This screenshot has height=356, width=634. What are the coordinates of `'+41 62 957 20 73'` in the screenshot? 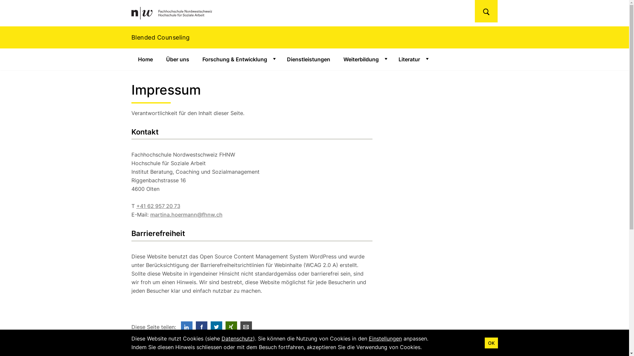 It's located at (158, 205).